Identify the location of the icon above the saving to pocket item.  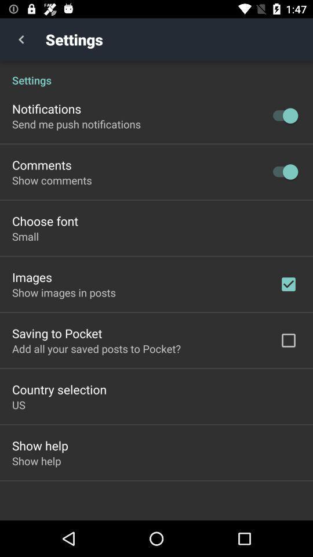
(64, 292).